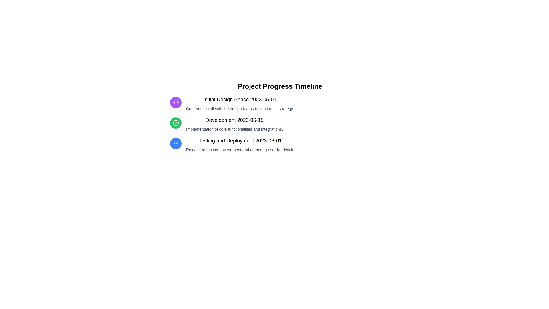 Image resolution: width=549 pixels, height=309 pixels. What do you see at coordinates (175, 122) in the screenshot?
I see `the circular green icon with a white checkmark, which represents approval or completion, located in the middle-left section of the interface, aligned with the text 'Development 2023-06-15'` at bounding box center [175, 122].